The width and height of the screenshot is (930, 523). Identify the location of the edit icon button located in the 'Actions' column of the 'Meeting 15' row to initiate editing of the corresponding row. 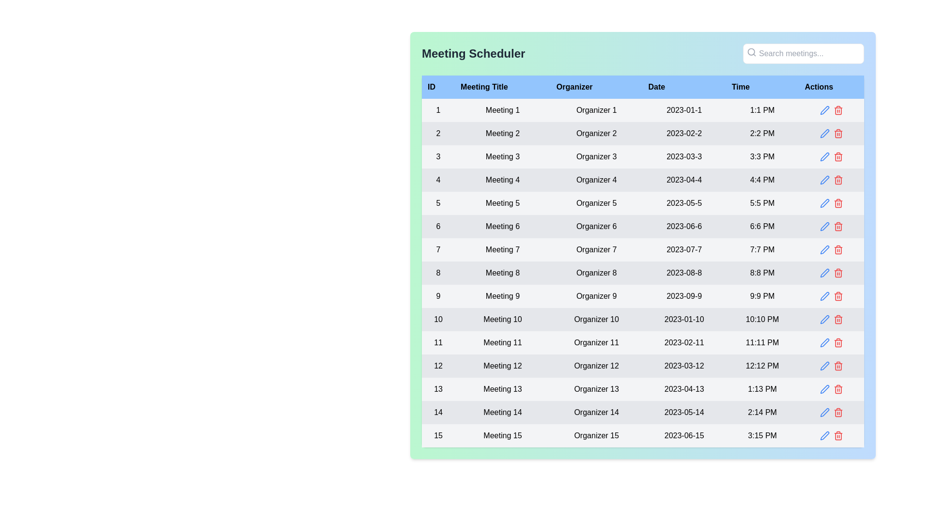
(824, 435).